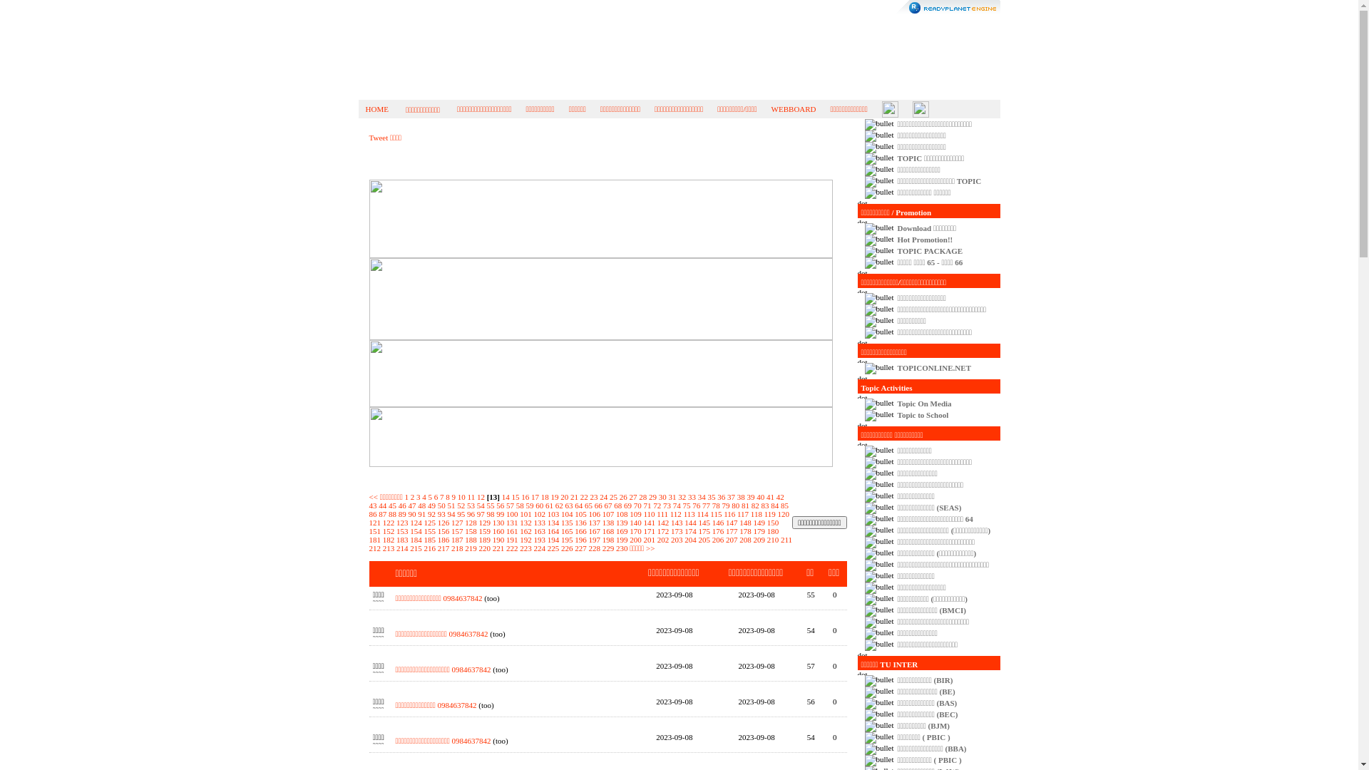 The height and width of the screenshot is (770, 1369). I want to click on '94', so click(451, 514).